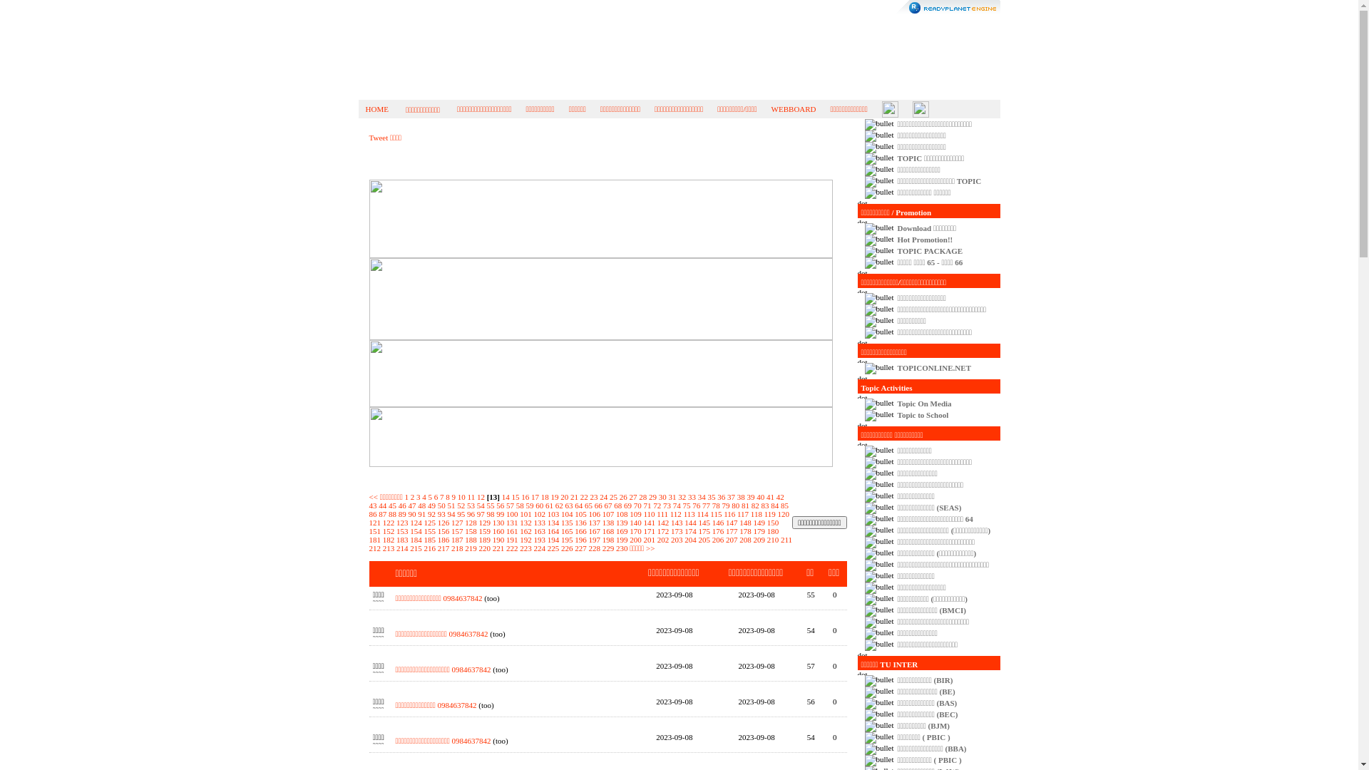 The height and width of the screenshot is (770, 1369). I want to click on '94', so click(451, 514).